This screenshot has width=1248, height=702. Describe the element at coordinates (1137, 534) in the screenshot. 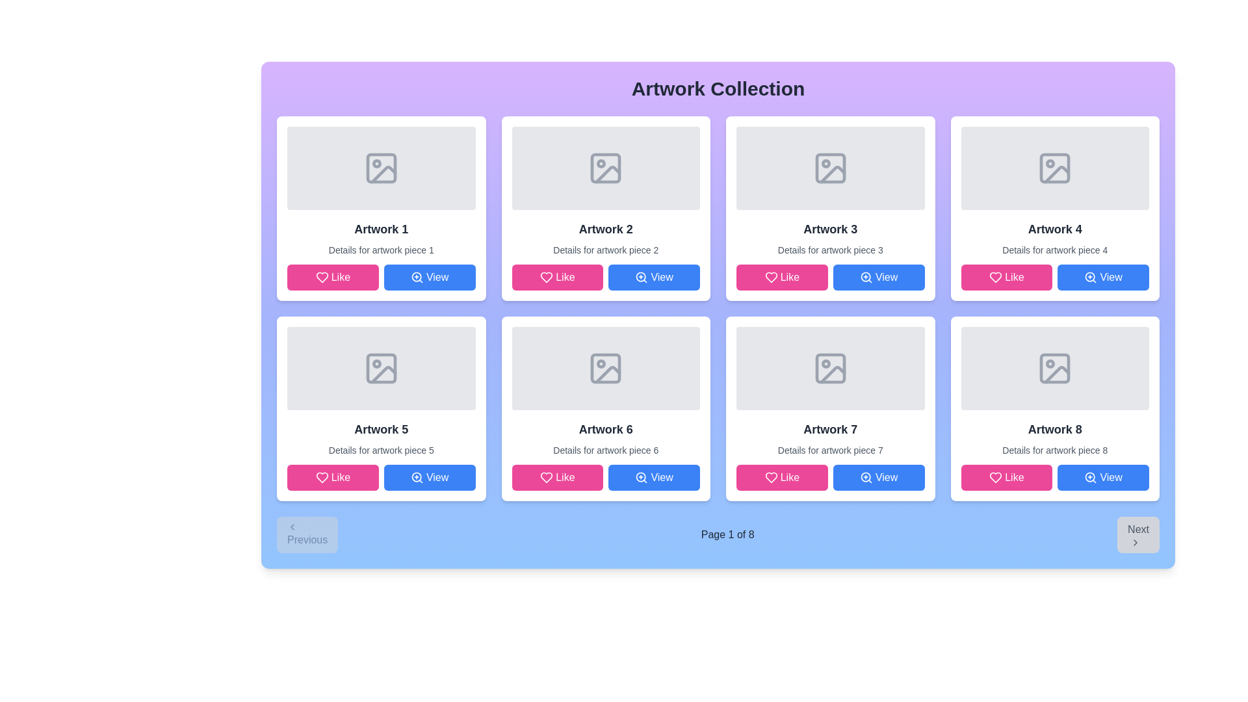

I see `the 'Next' button located at the bottom-right corner of the interface` at that location.